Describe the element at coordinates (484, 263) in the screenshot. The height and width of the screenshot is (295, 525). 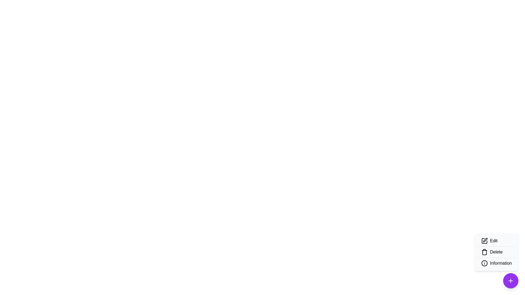
I see `the SVG circle element located in the bottom-right corner of the interface, which is part of an information or status-related icon` at that location.